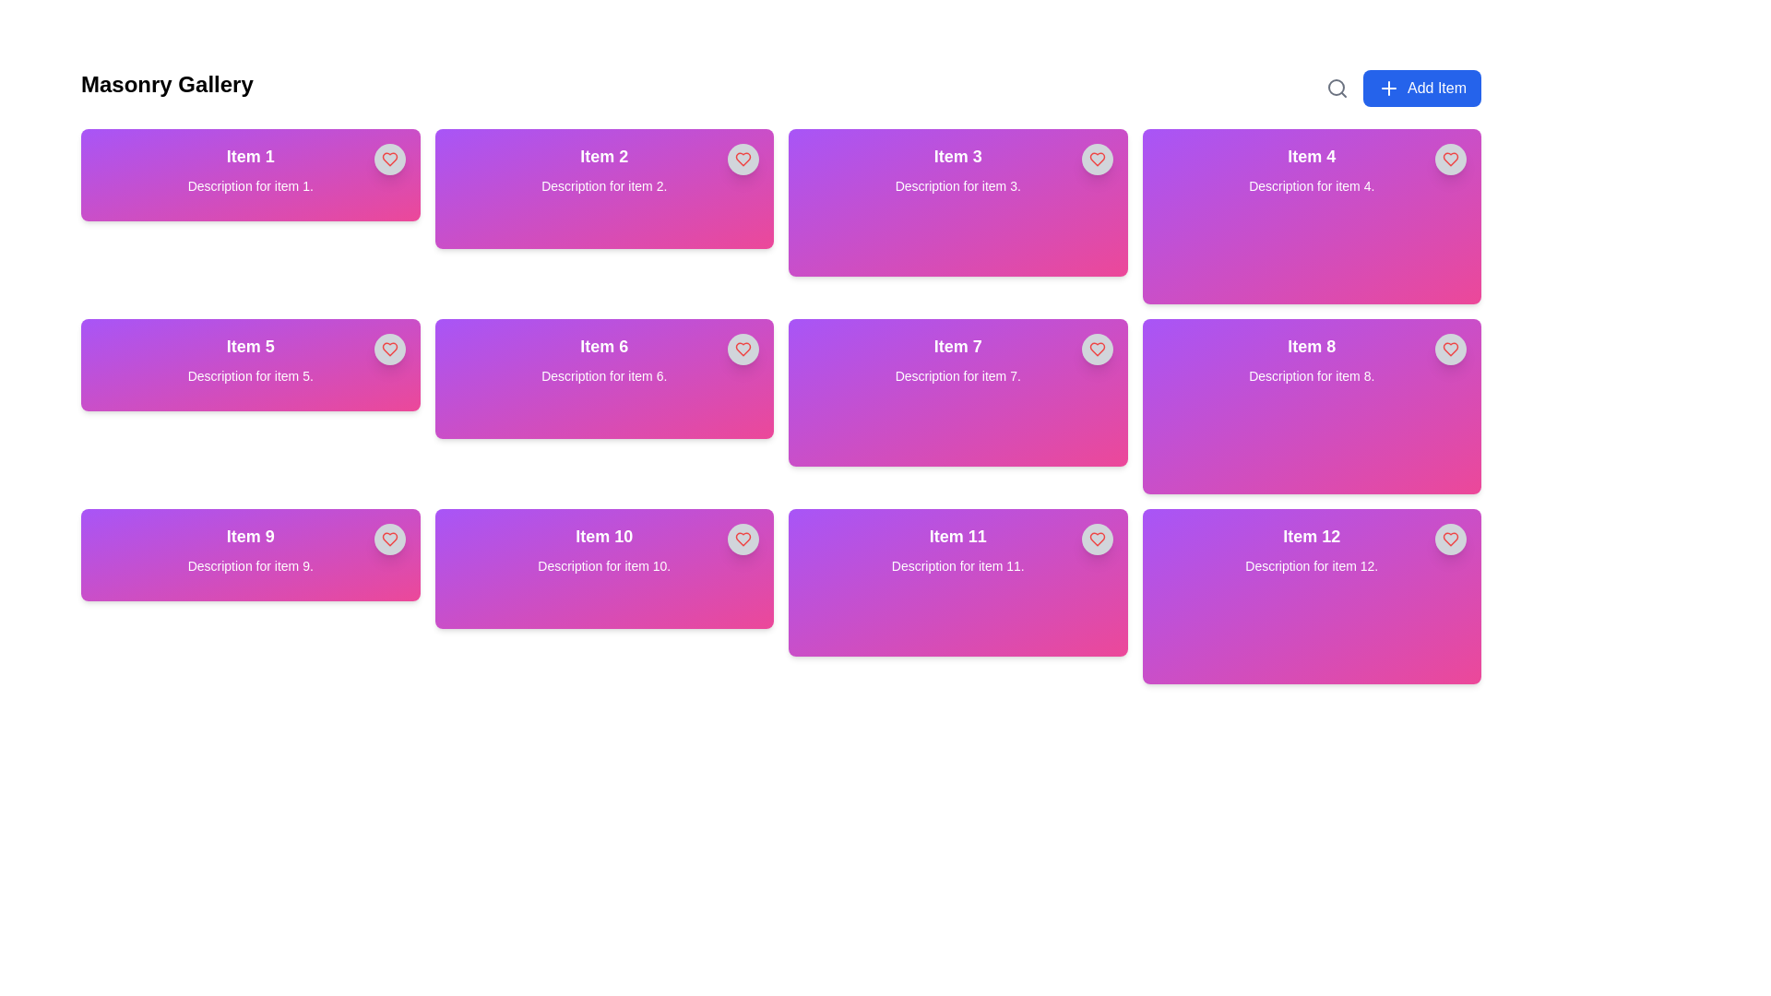 The height and width of the screenshot is (996, 1771). Describe the element at coordinates (1097, 539) in the screenshot. I see `the heart icon located in the top-right corner of the card labeled 'Item 11'` at that location.